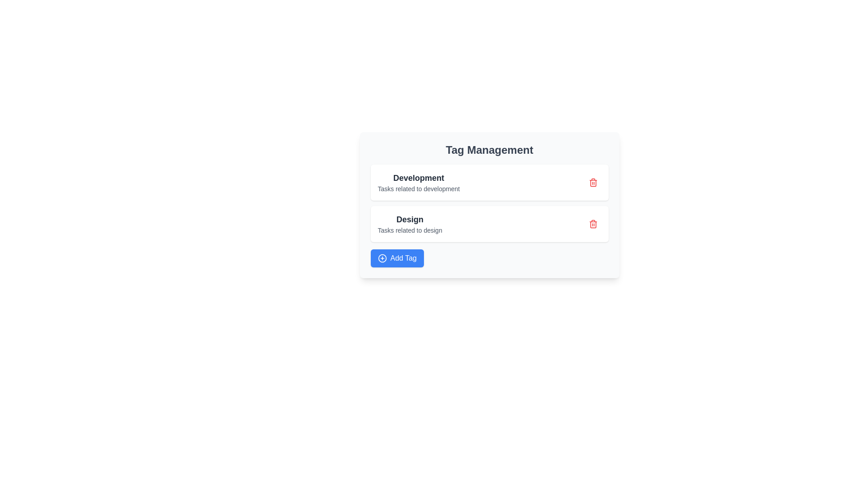 The image size is (865, 487). Describe the element at coordinates (396, 258) in the screenshot. I see `the blue rectangular button labeled 'Add Tag' with a white plus icon` at that location.